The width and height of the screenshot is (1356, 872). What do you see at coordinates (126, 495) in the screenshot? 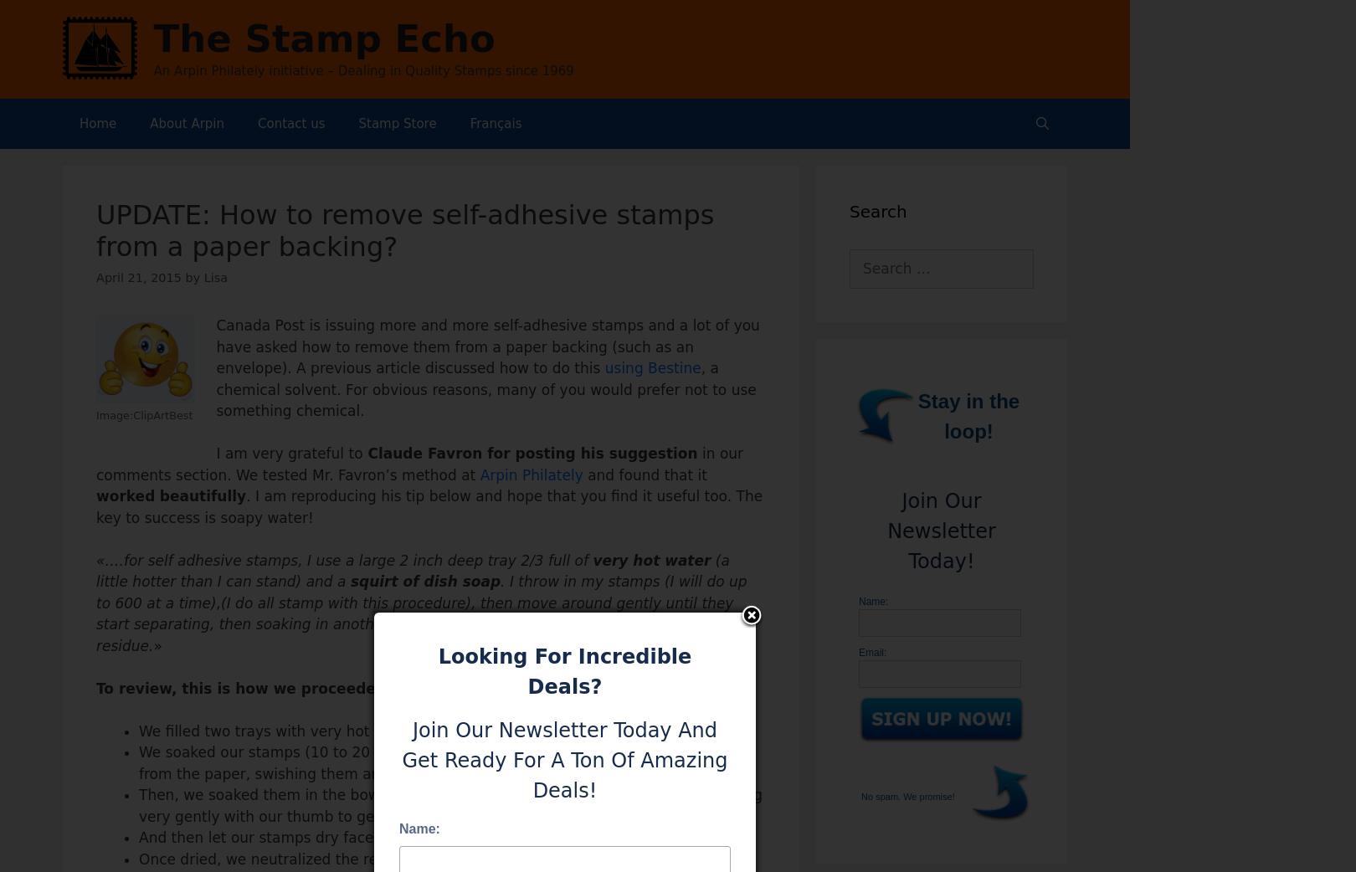
I see `'worked'` at bounding box center [126, 495].